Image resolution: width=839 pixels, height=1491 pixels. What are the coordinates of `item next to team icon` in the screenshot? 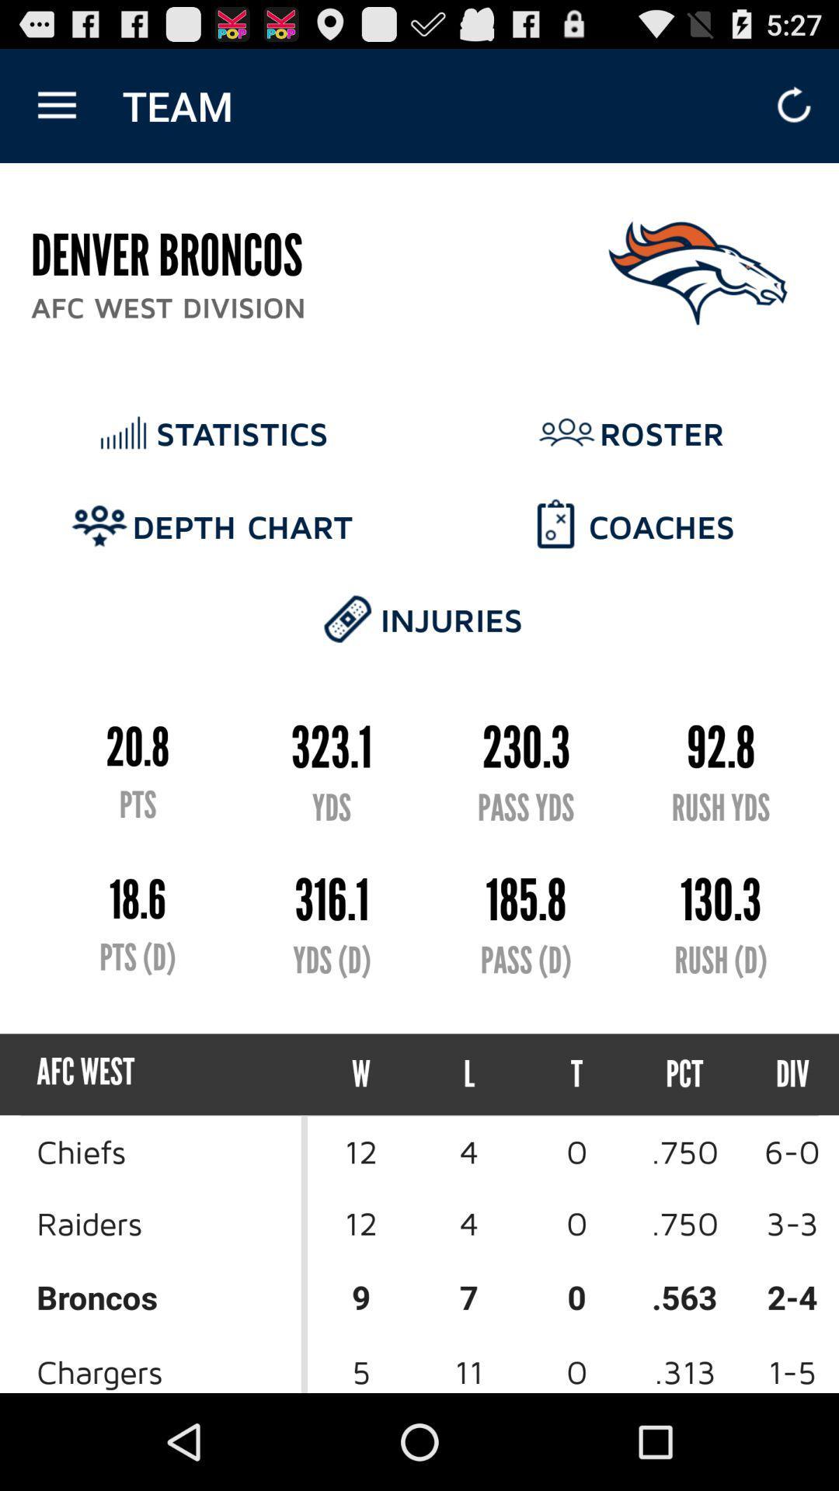 It's located at (56, 105).